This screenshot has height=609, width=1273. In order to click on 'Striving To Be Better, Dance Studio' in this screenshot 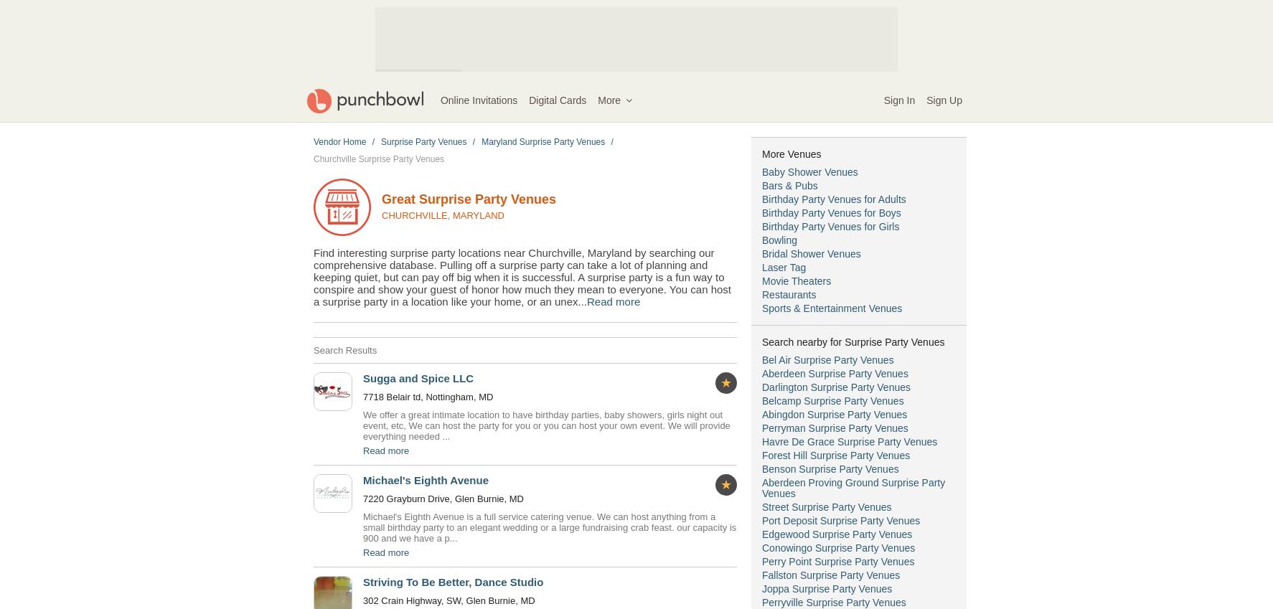, I will do `click(453, 582)`.